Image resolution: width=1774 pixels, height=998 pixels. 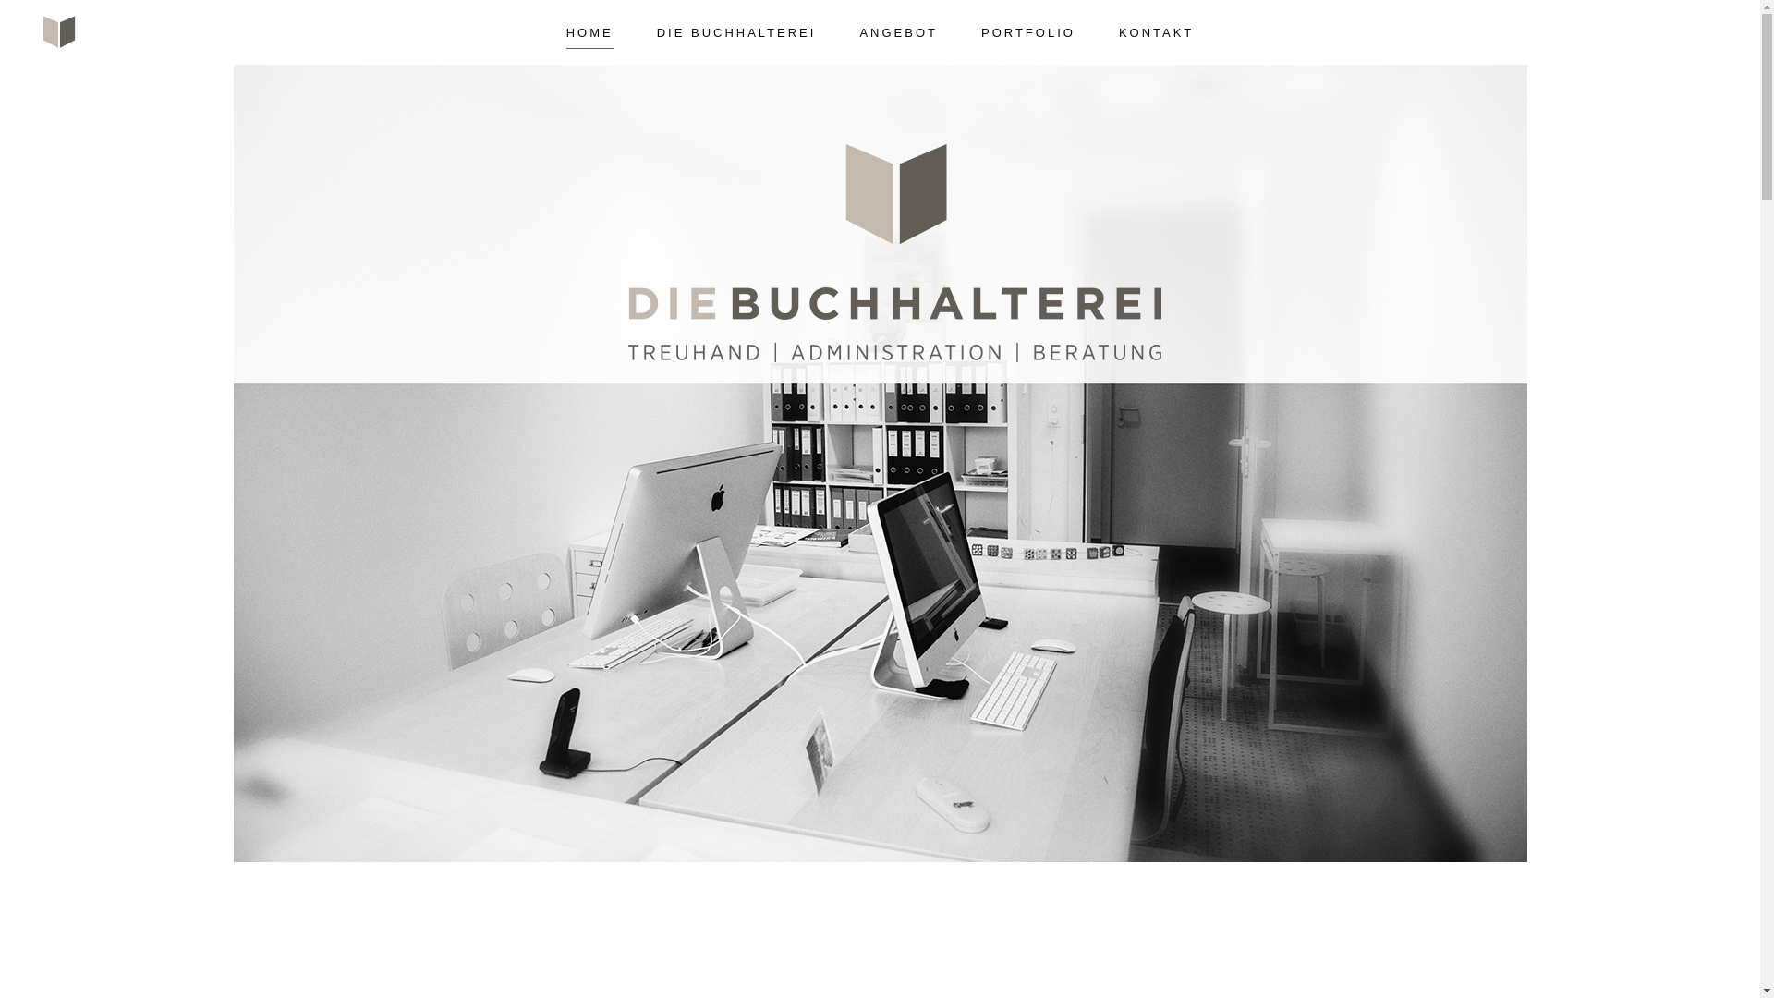 What do you see at coordinates (735, 24) in the screenshot?
I see `'DIE BUCHHALTEREI'` at bounding box center [735, 24].